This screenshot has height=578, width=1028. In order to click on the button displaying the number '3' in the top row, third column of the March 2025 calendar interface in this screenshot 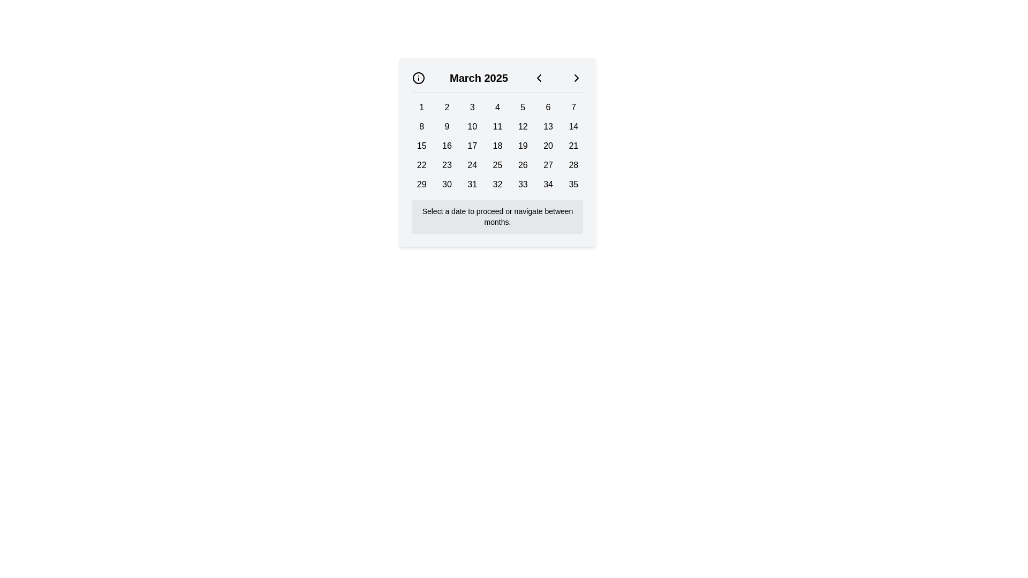, I will do `click(472, 107)`.